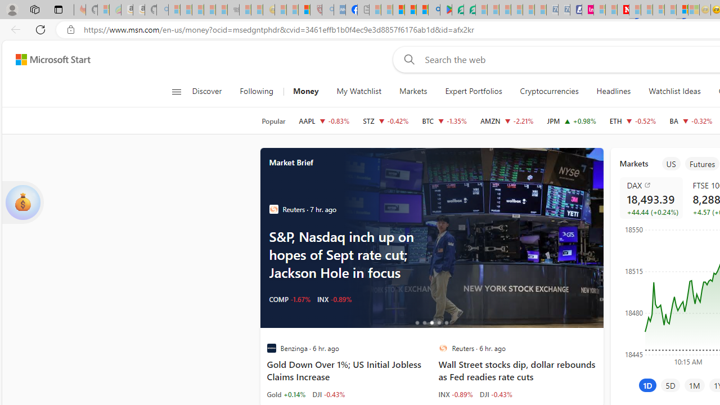 The width and height of the screenshot is (720, 405). Describe the element at coordinates (670, 385) in the screenshot. I see `'5D'` at that location.